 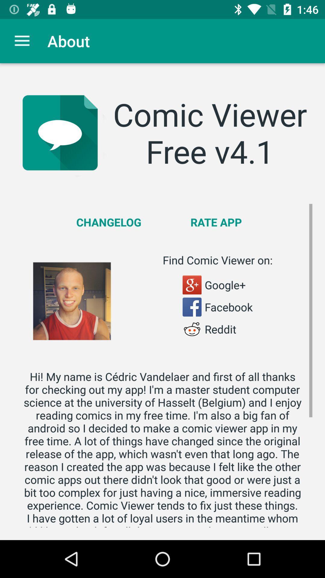 I want to click on the facebook icon, so click(x=192, y=307).